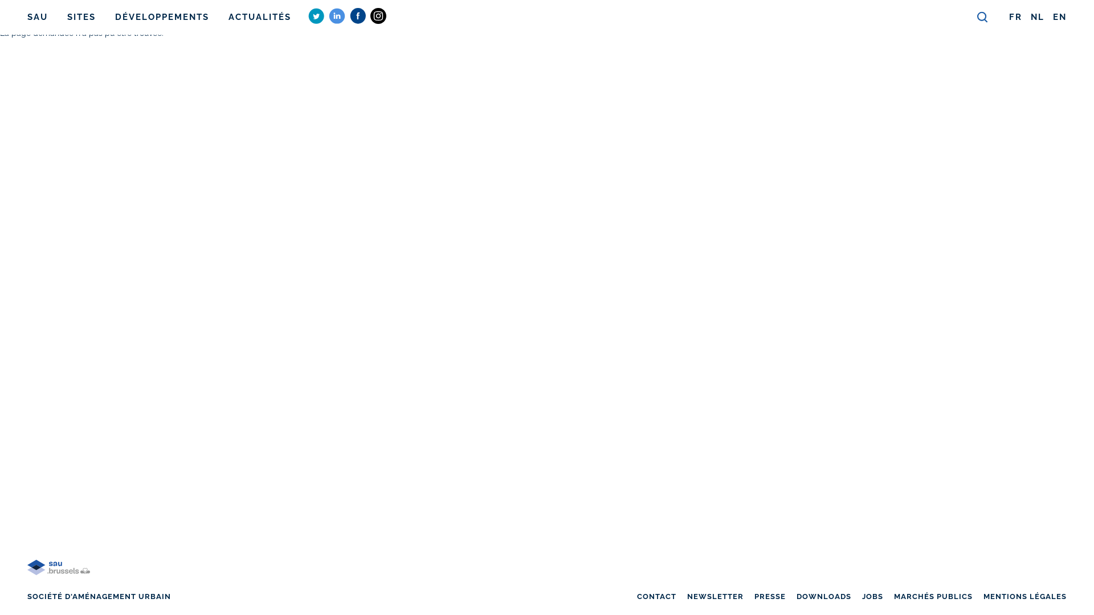 Image resolution: width=1094 pixels, height=615 pixels. I want to click on 'PRESSE', so click(770, 596).